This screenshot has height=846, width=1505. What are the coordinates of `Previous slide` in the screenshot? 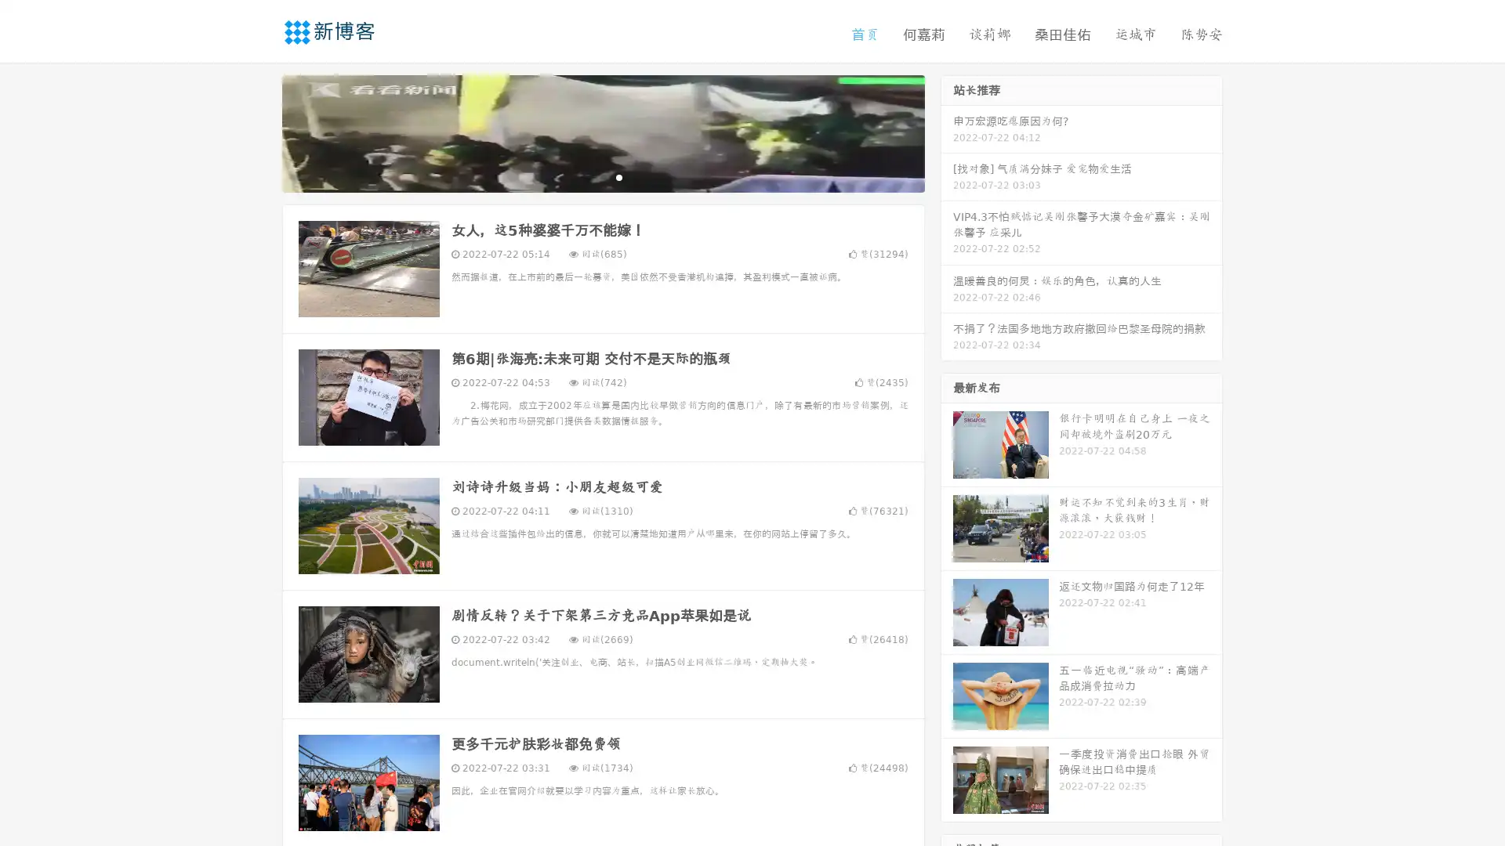 It's located at (259, 132).